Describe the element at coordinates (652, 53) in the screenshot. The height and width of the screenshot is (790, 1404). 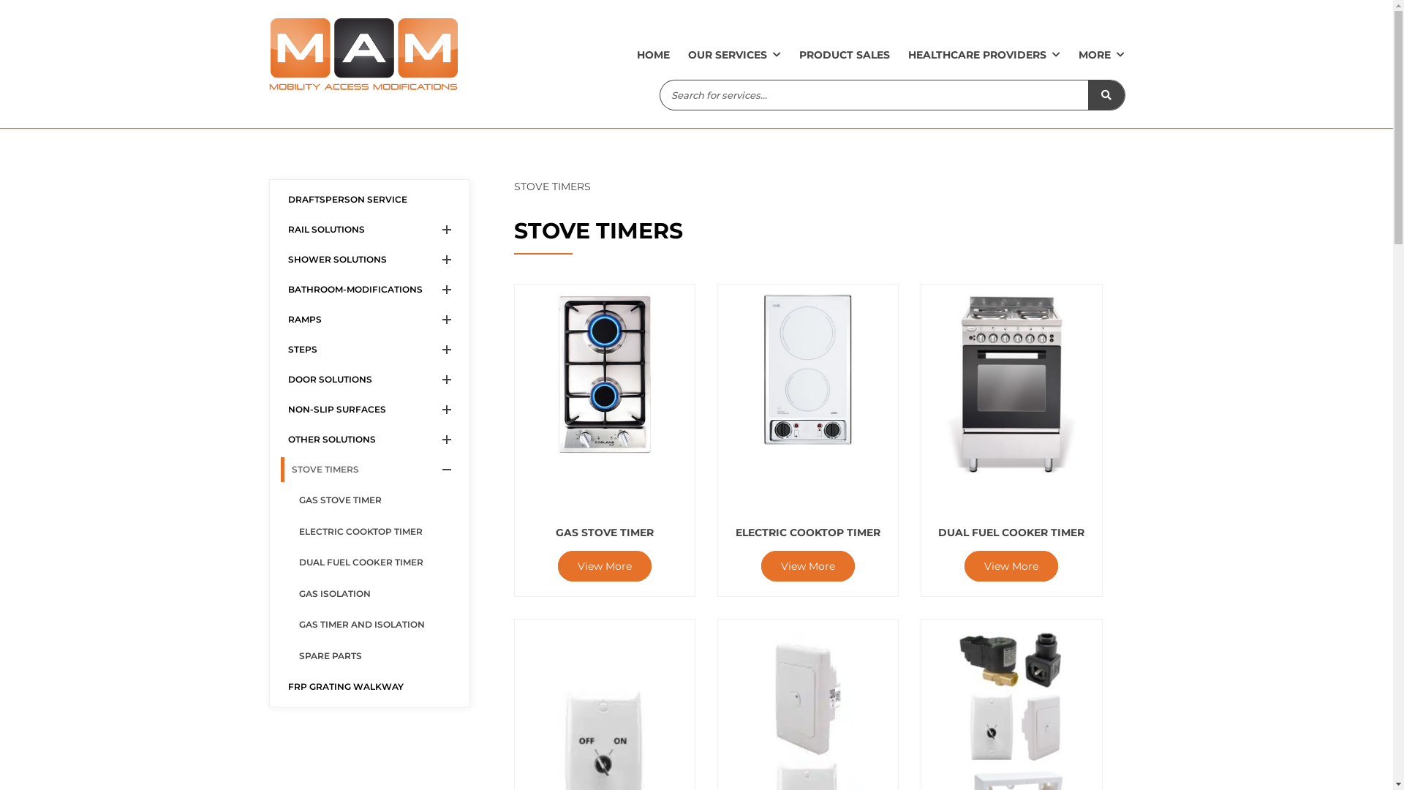
I see `'HOME'` at that location.